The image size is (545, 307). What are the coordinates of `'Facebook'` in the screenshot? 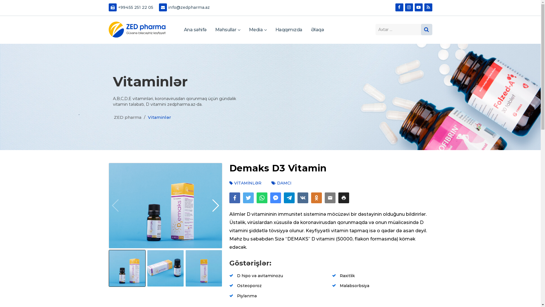 It's located at (399, 7).